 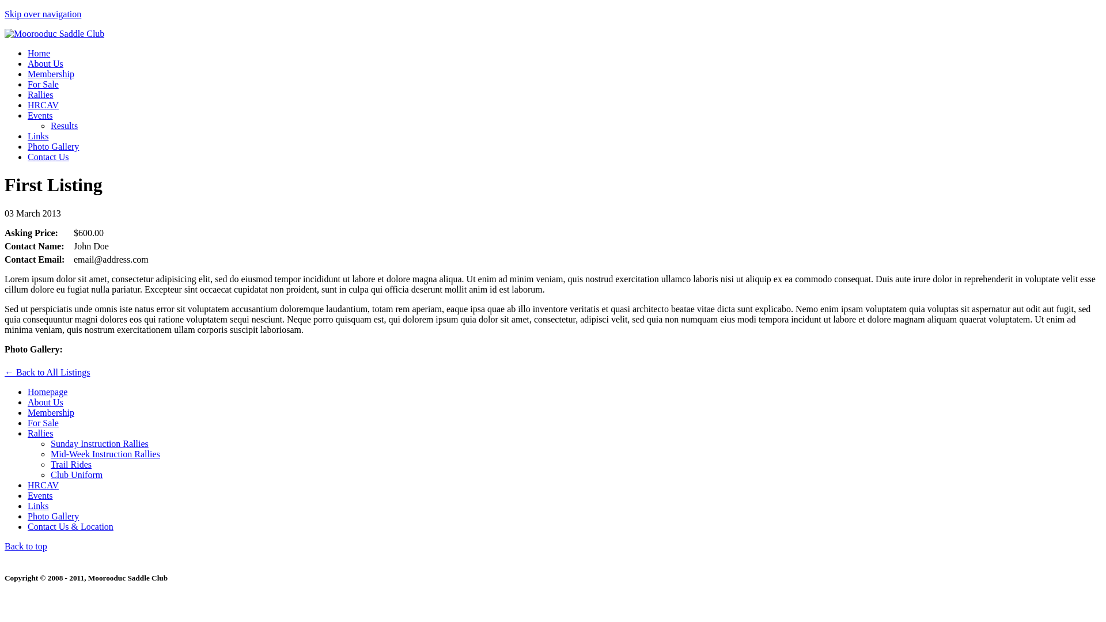 What do you see at coordinates (43, 84) in the screenshot?
I see `'For Sale'` at bounding box center [43, 84].